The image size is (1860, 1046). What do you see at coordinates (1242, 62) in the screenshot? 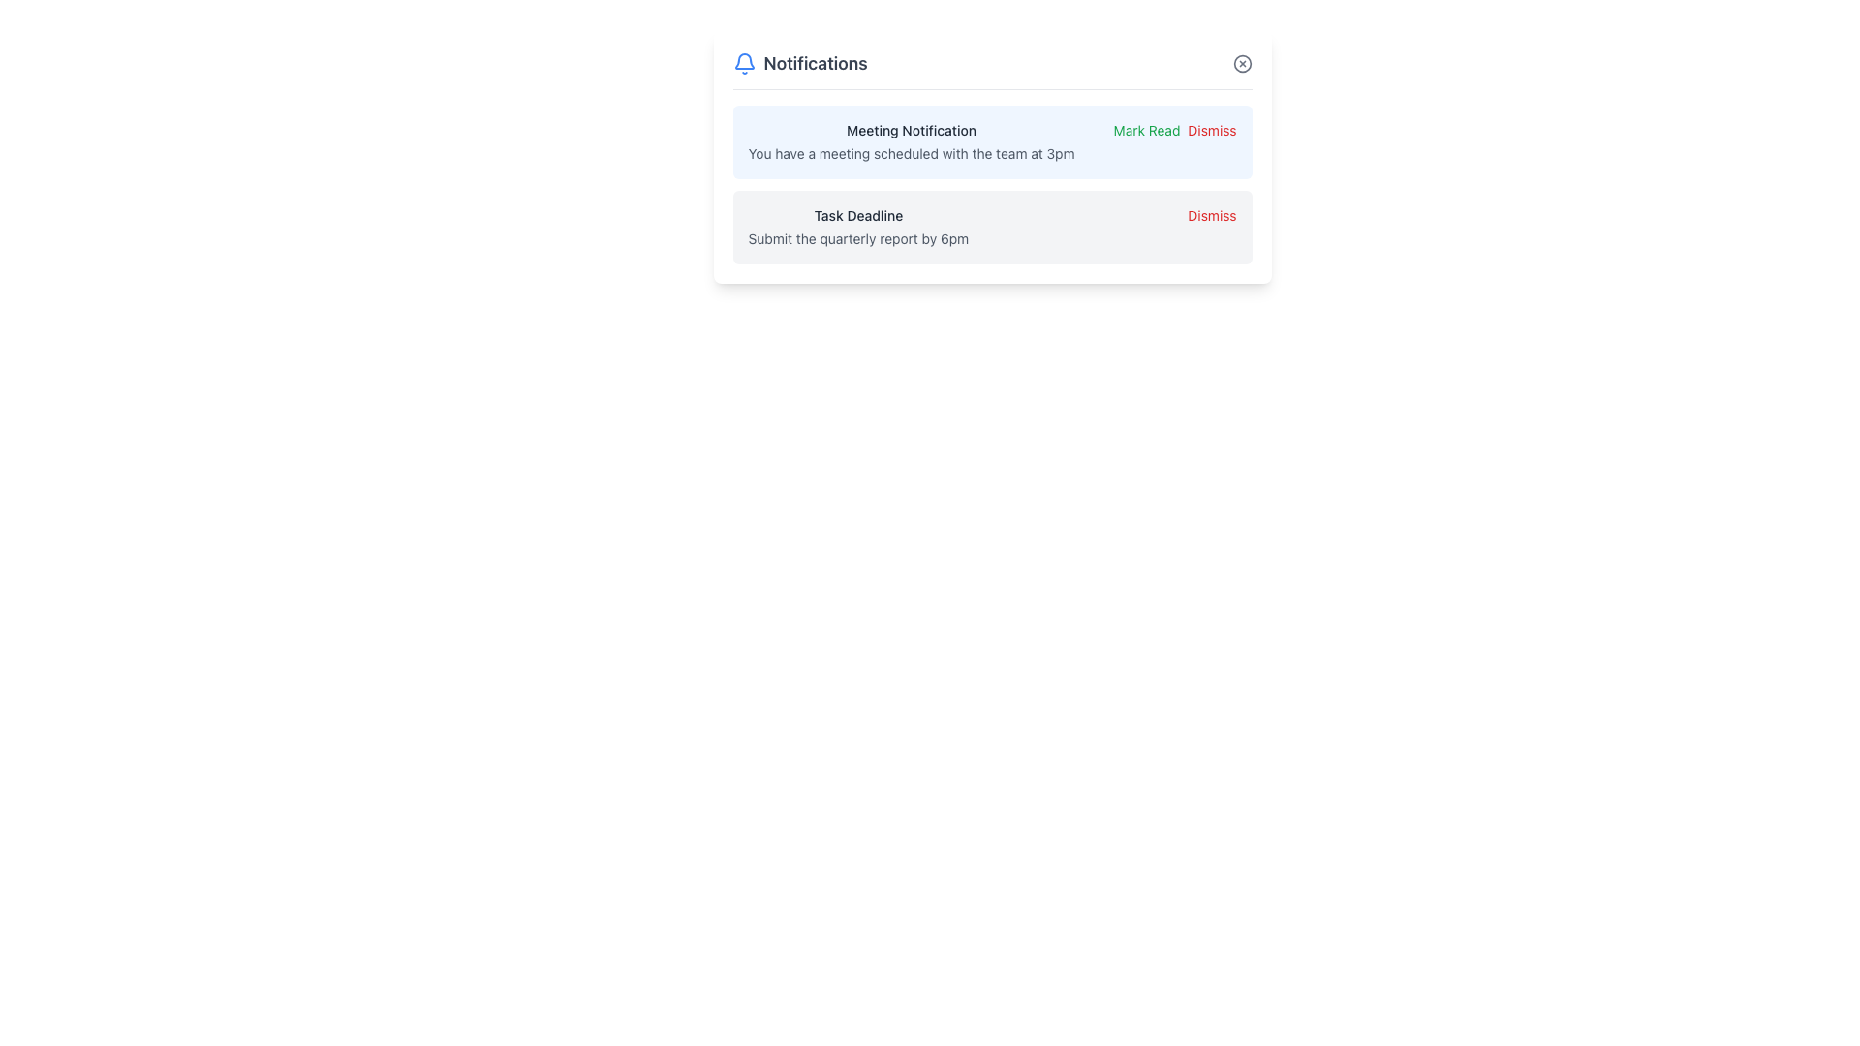
I see `the central SVG circle element in the top-right corner of the notification card, which has a consistent stroke and no fill color` at bounding box center [1242, 62].